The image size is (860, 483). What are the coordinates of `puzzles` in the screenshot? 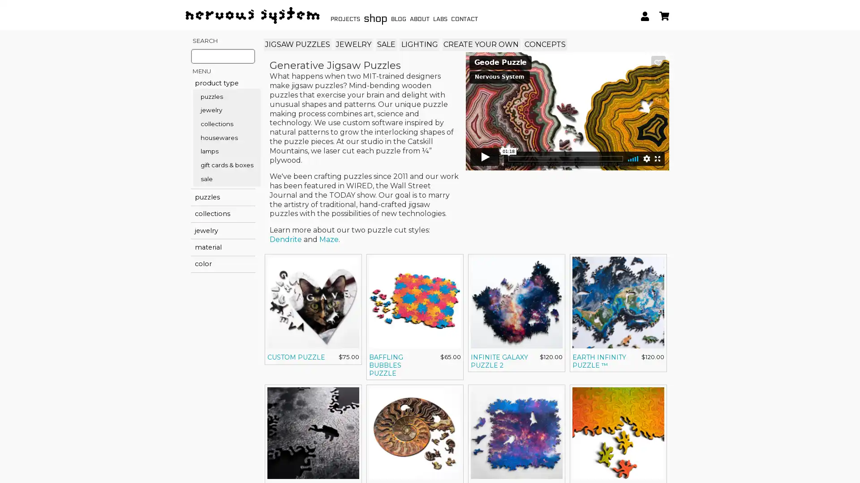 It's located at (223, 196).